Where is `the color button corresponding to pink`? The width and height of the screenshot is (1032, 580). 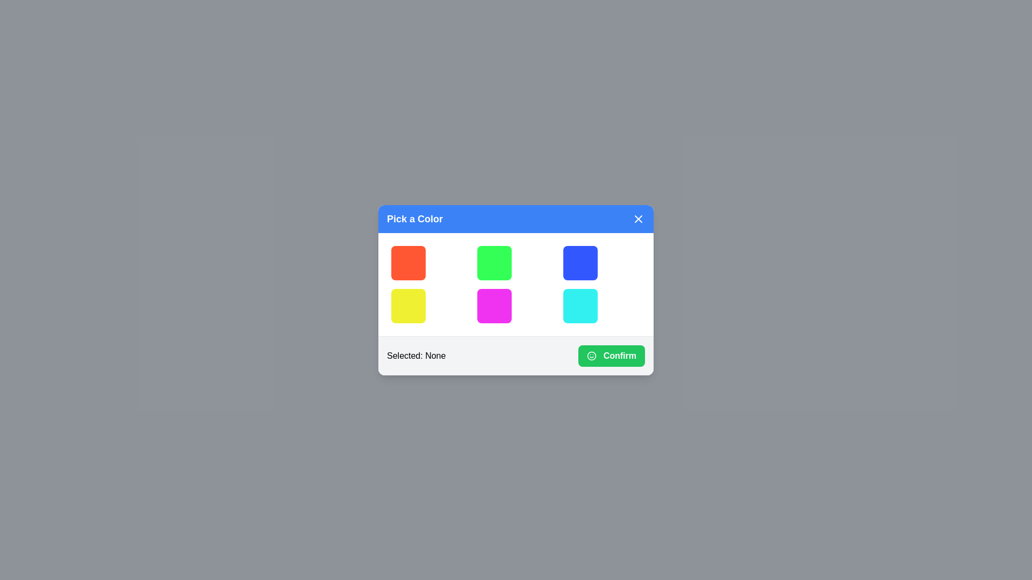 the color button corresponding to pink is located at coordinates (494, 306).